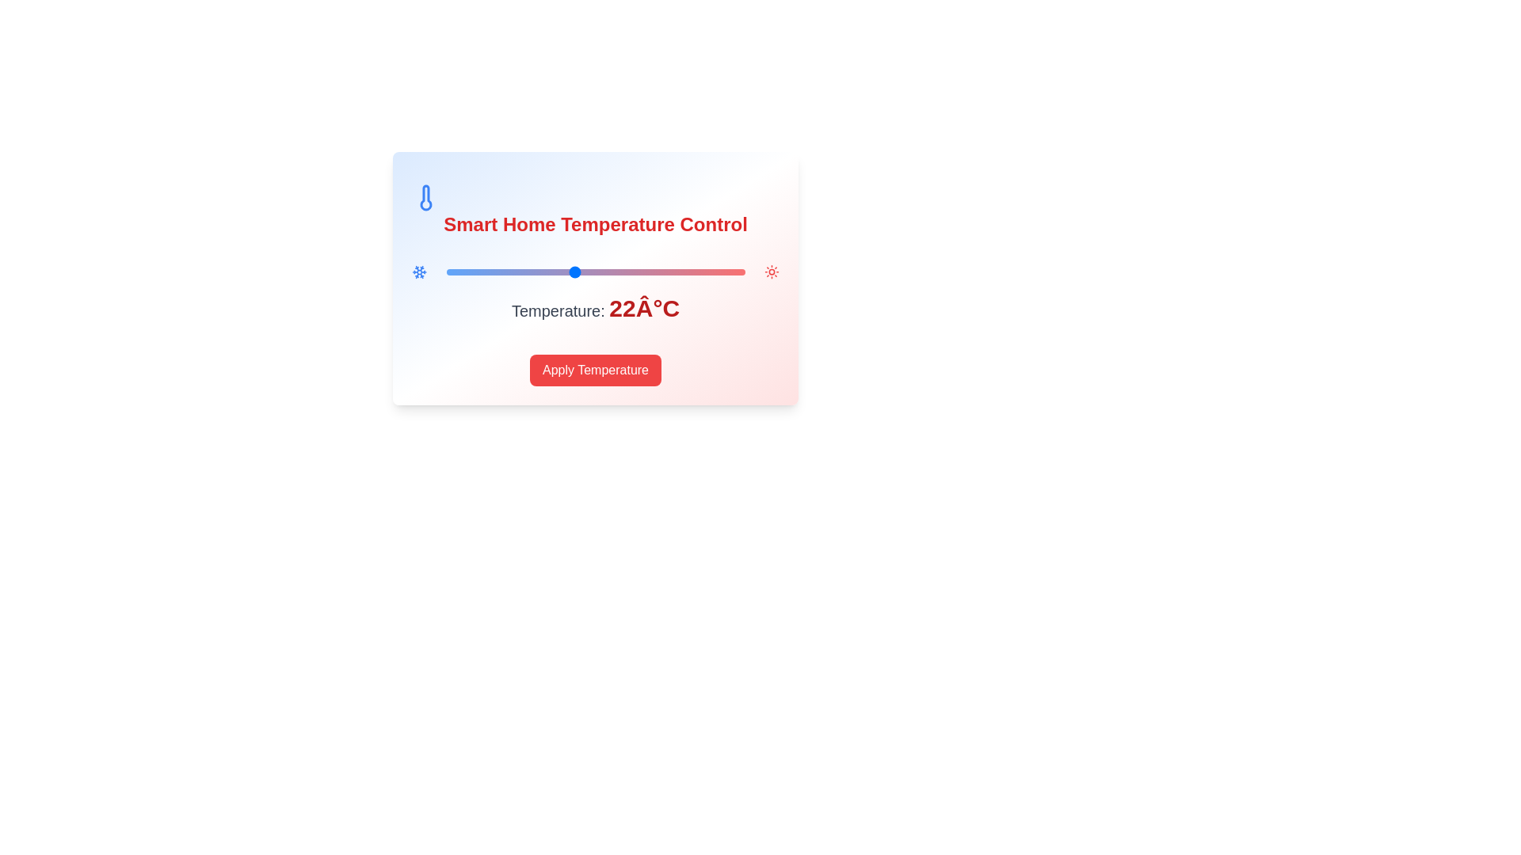 This screenshot has width=1521, height=855. Describe the element at coordinates (425, 197) in the screenshot. I see `the thermometer icon to display its tooltip` at that location.